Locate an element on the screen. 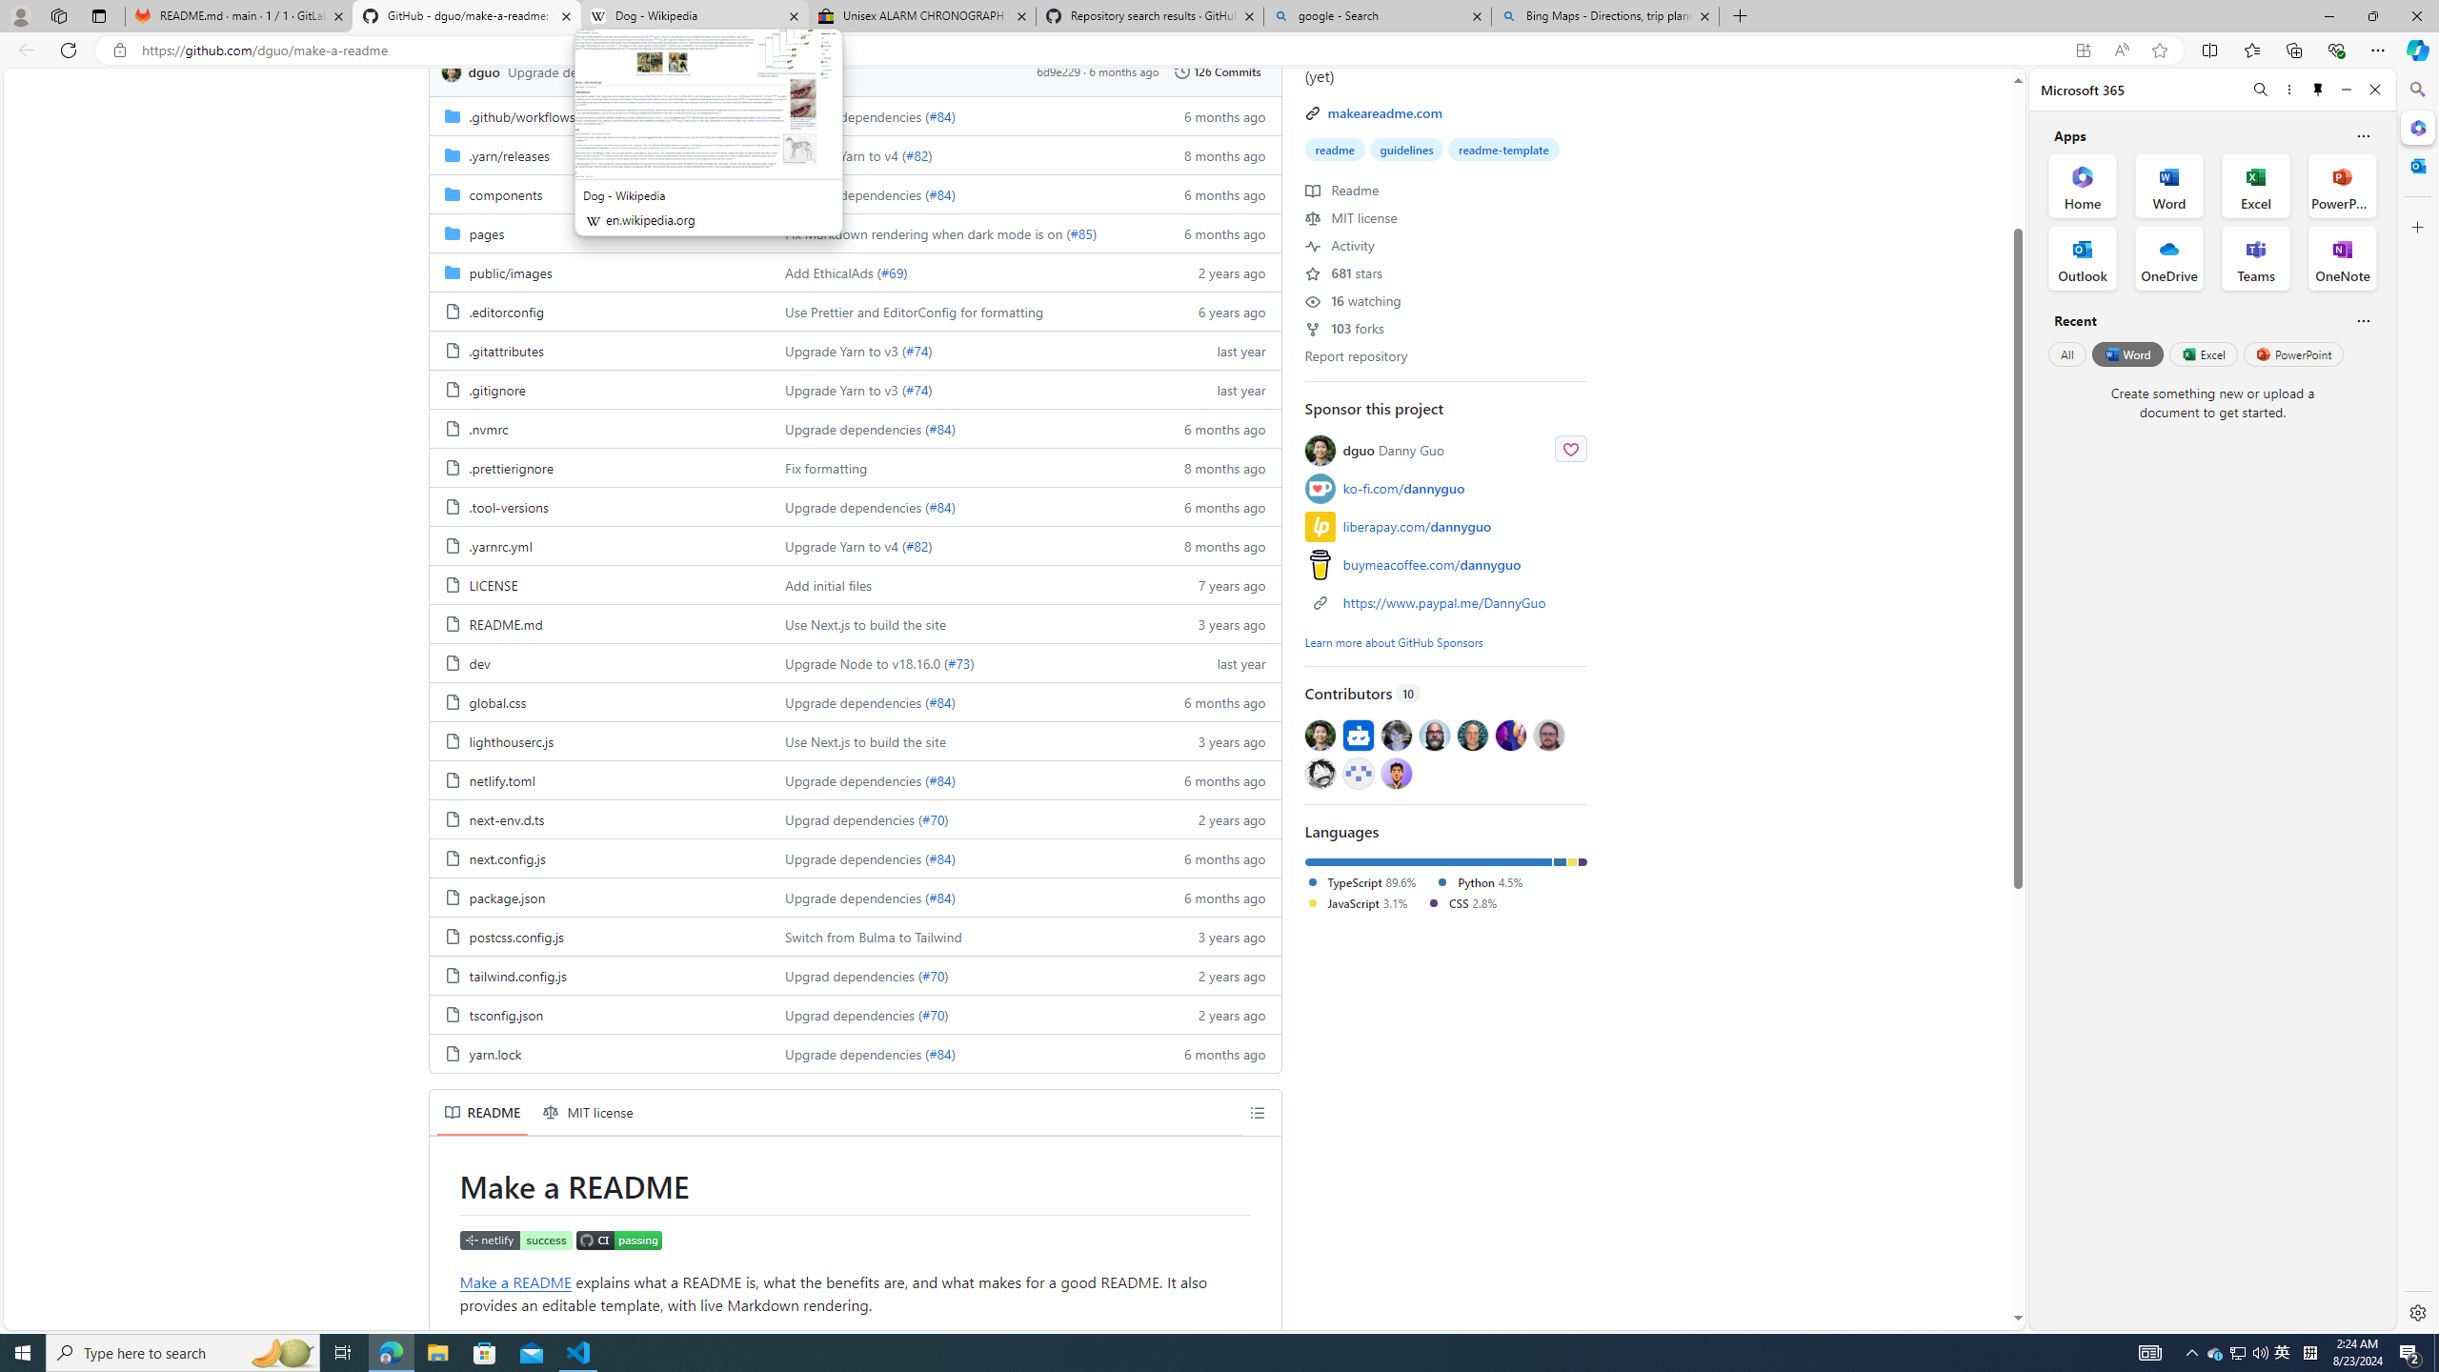 The width and height of the screenshot is (2439, 1372). '@paul-hammant' is located at coordinates (1471, 734).